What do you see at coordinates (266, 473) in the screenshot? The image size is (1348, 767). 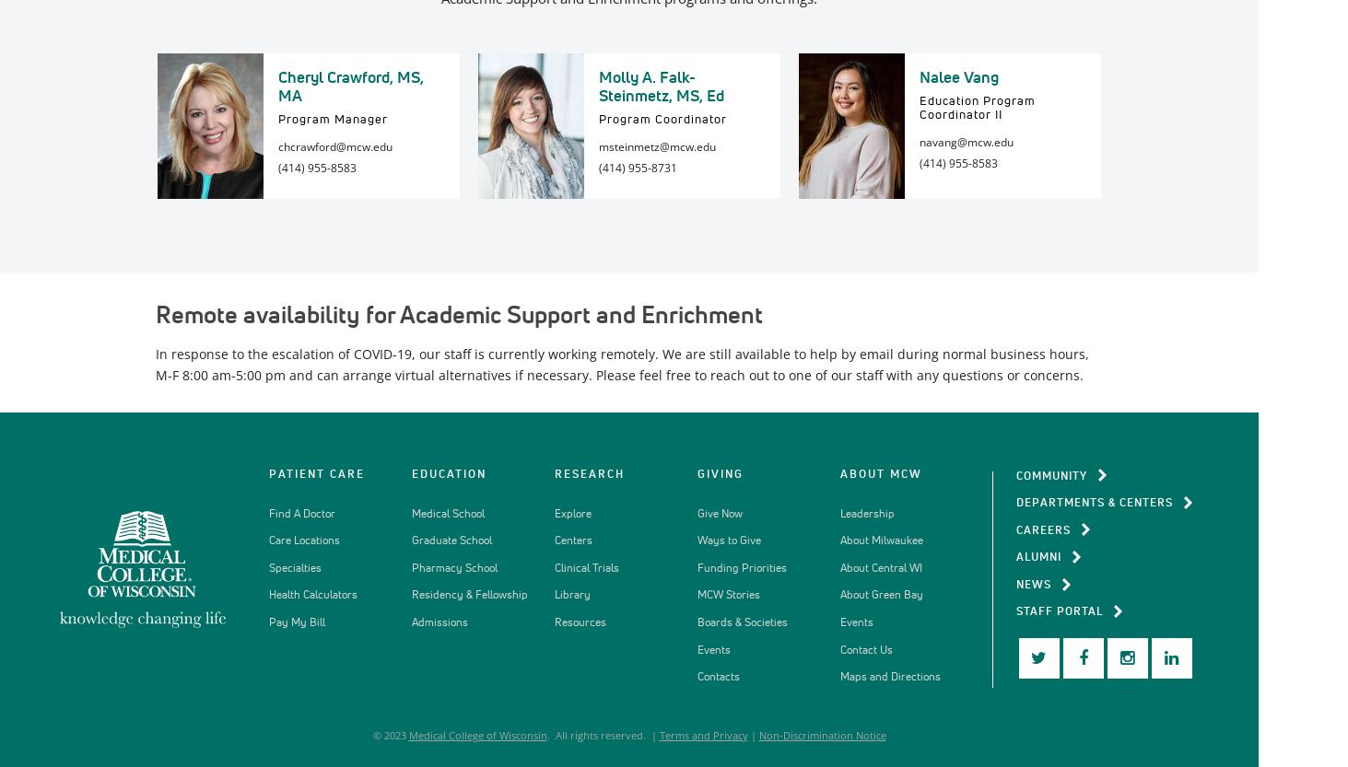 I see `'Patient Care'` at bounding box center [266, 473].